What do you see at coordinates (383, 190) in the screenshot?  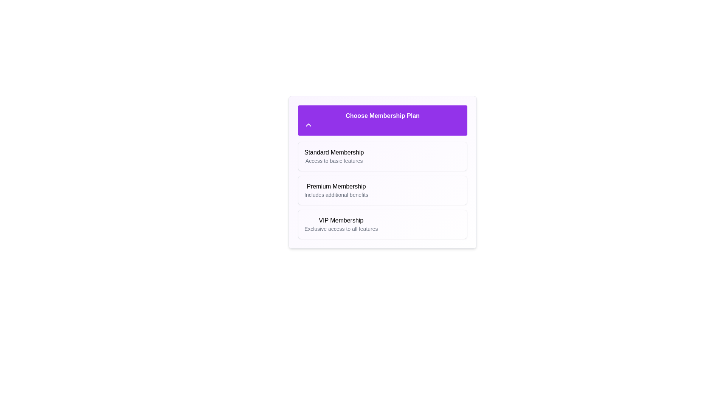 I see `the 'Premium Membership' informational card, which is the second card in the vertical list of membership options, centrally located between the 'Standard Membership' and 'VIP Membership' cards` at bounding box center [383, 190].